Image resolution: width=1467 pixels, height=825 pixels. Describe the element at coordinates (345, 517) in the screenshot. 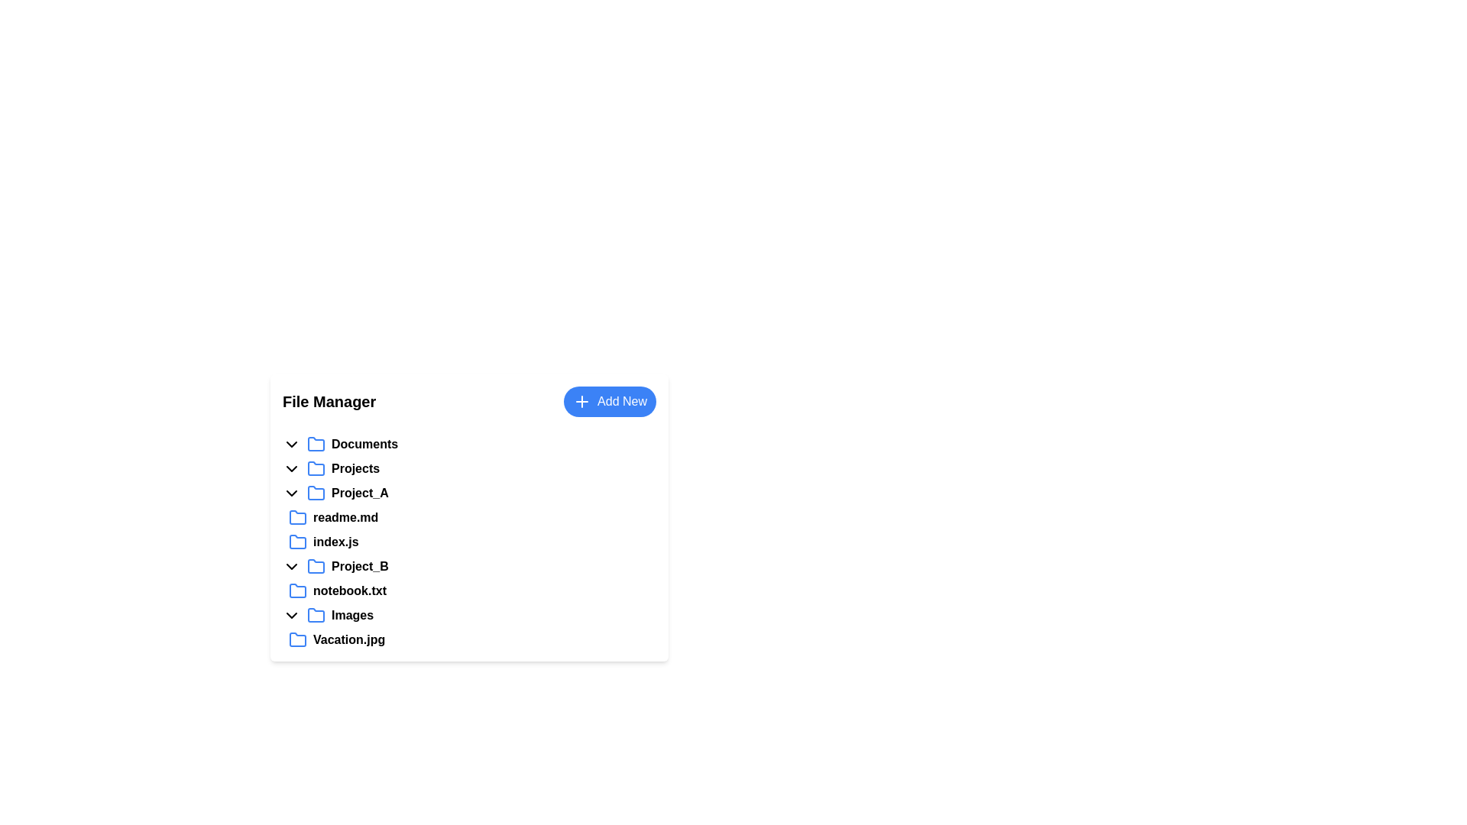

I see `the text label displaying the filename 'readme.md', which is styled in bold font and positioned next to a blue folder icon in the 'Project_A' directory` at that location.